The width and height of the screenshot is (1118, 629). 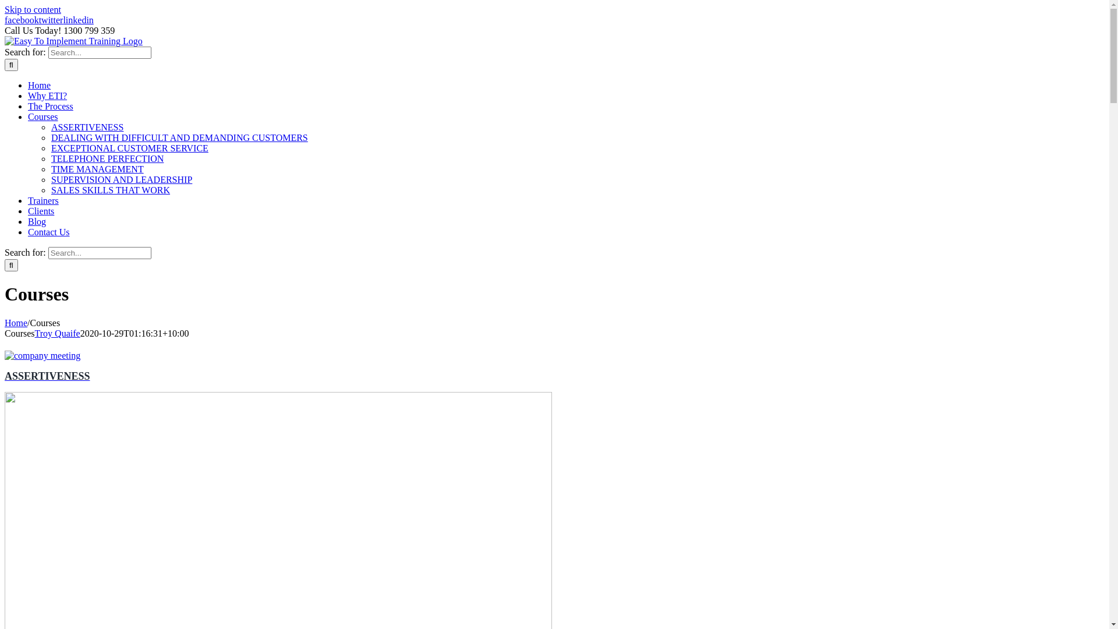 I want to click on 'Courses', so click(x=43, y=116).